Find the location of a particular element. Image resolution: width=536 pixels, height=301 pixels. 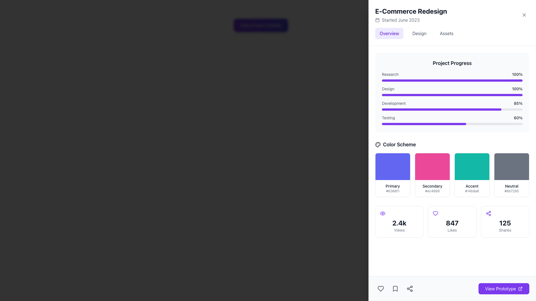

statistics displayed in the Grid containing multiple statistic cards located at the bottom of the visible section of the main interface beneath the 'Color Scheme' grid is located at coordinates (452, 221).